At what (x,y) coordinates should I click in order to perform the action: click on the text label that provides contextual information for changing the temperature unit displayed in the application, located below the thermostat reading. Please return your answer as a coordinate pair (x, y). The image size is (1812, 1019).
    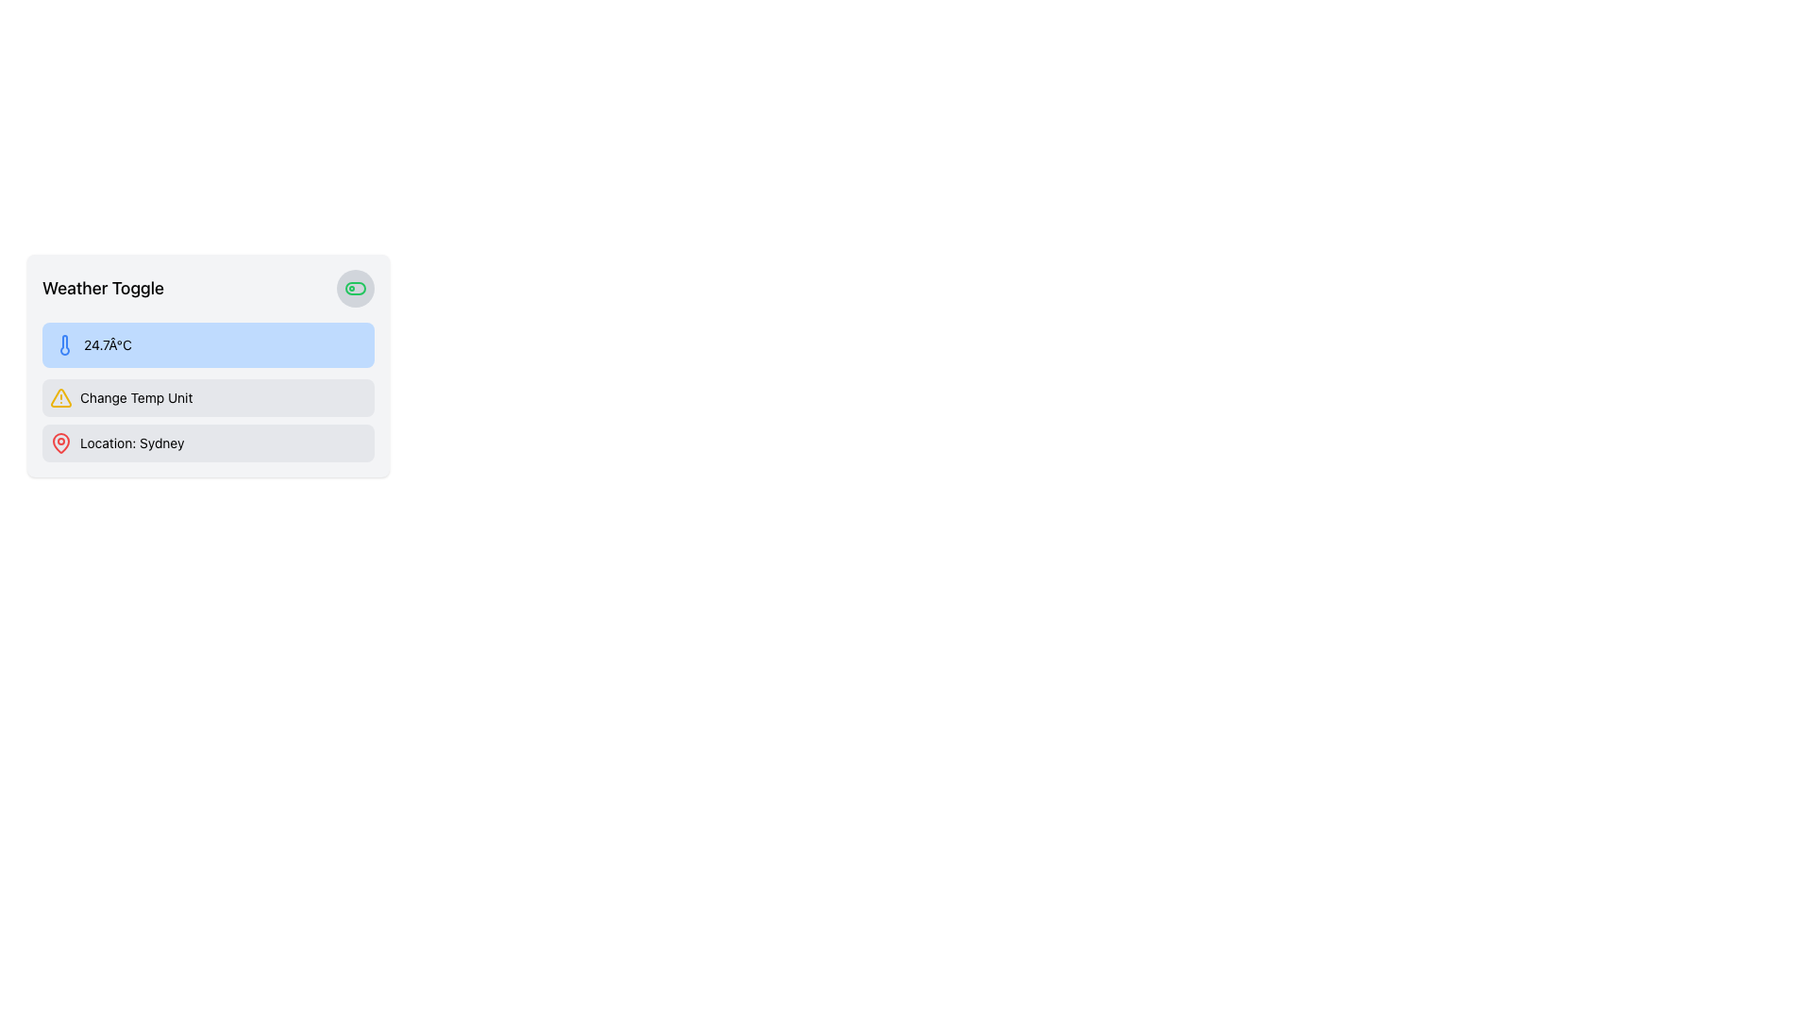
    Looking at the image, I should click on (135, 396).